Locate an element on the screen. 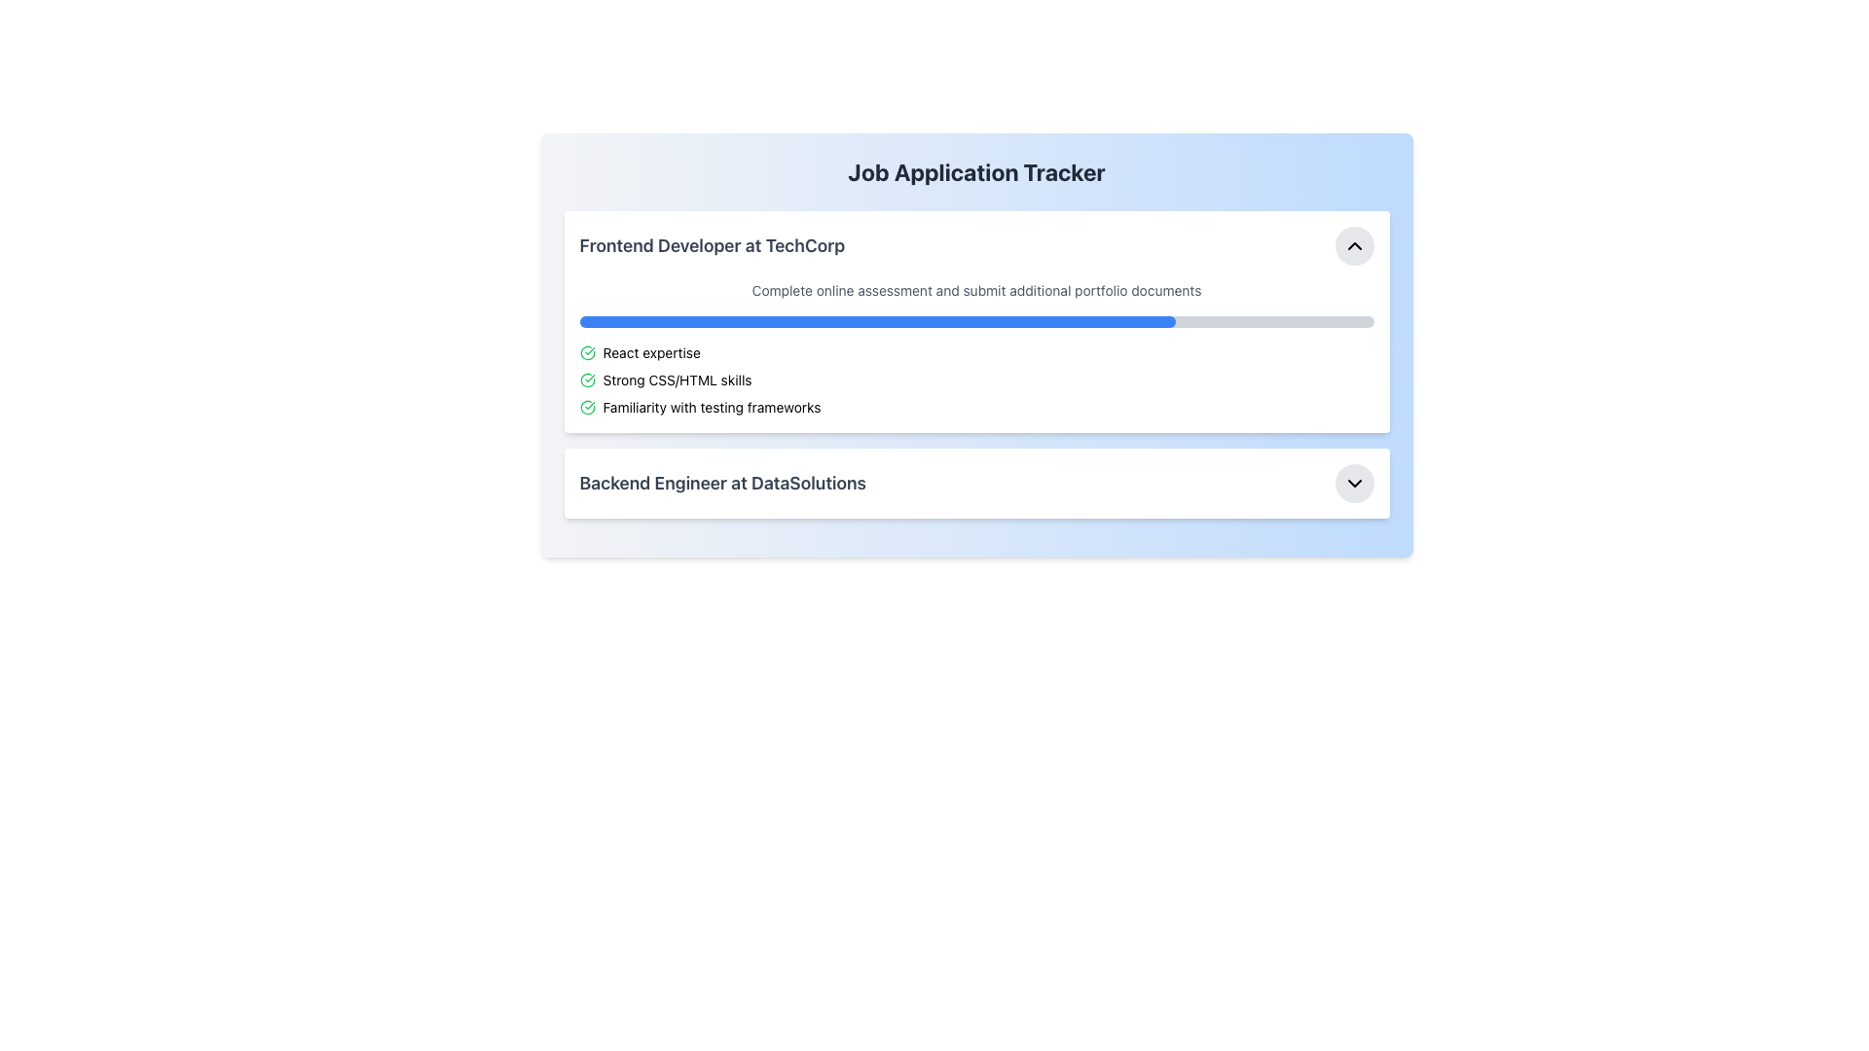 The width and height of the screenshot is (1869, 1051). the Text Label that serves as the title or header for the section, providing a brief and clear description of the content or purpose of the section below is located at coordinates (976, 171).